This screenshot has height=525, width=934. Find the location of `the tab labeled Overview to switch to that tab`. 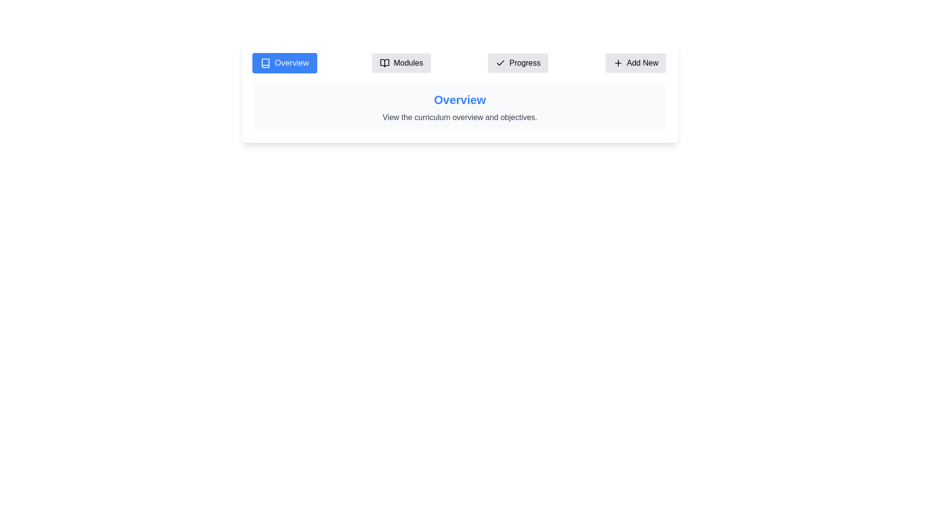

the tab labeled Overview to switch to that tab is located at coordinates (284, 63).